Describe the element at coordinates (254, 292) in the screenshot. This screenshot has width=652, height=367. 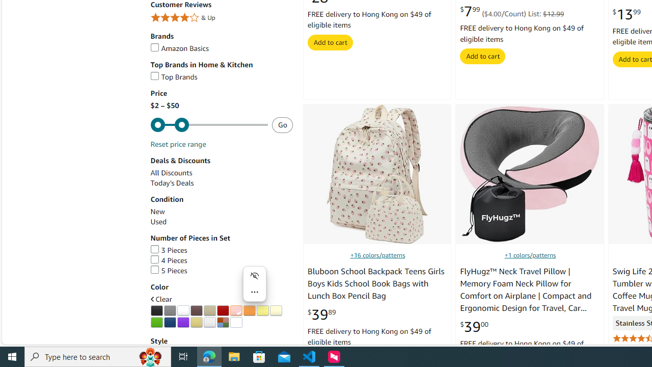
I see `'More actions'` at that location.